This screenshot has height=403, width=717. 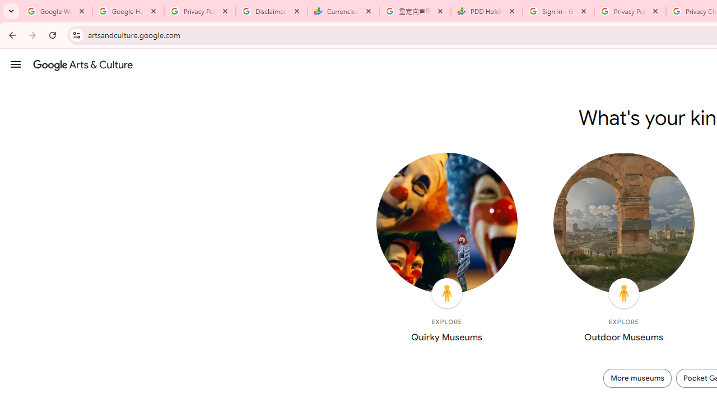 I want to click on 'More museums', so click(x=637, y=378).